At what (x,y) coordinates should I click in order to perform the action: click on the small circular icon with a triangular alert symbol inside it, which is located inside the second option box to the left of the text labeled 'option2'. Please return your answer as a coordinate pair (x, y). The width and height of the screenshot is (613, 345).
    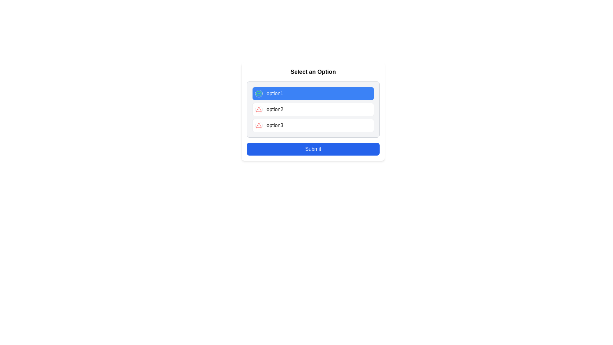
    Looking at the image, I should click on (259, 109).